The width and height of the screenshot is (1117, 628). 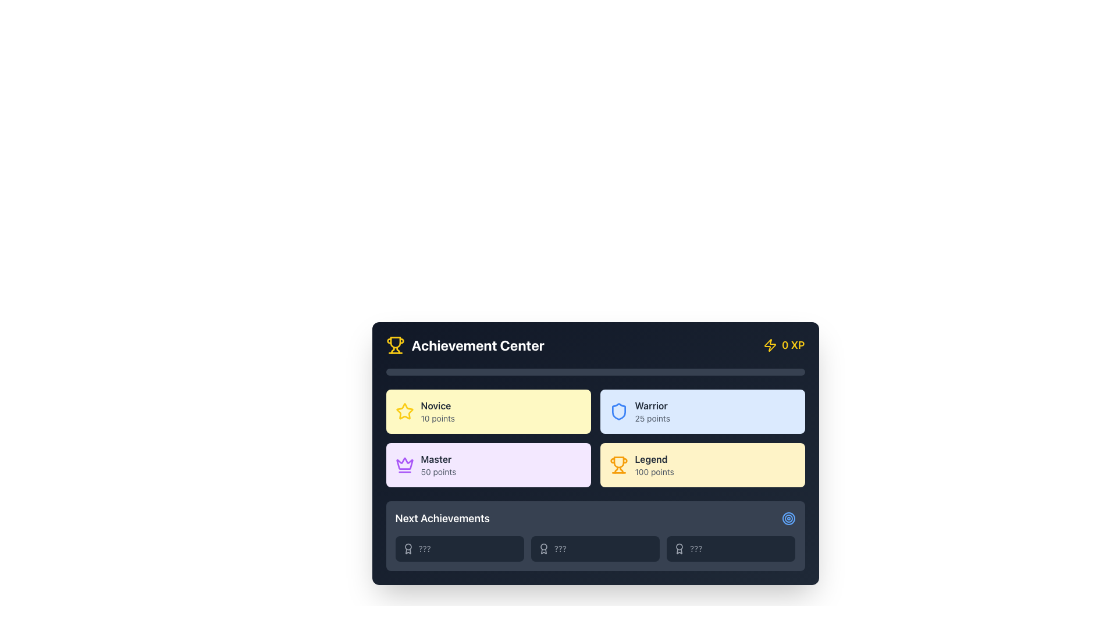 What do you see at coordinates (437, 405) in the screenshot?
I see `the 'Novice' text label which is displayed in bold, capitalized dark gray font against a soft yellow background, located at the top-left corner of the yellow rectangular card in the 'Achievement Center' interface` at bounding box center [437, 405].